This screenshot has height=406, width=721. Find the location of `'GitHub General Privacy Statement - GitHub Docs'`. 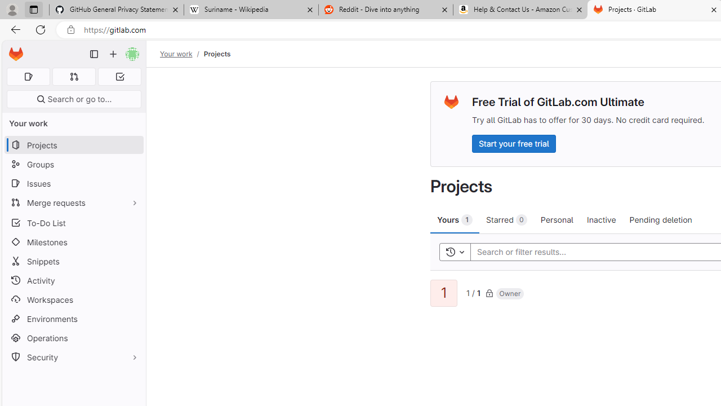

'GitHub General Privacy Statement - GitHub Docs' is located at coordinates (117, 10).